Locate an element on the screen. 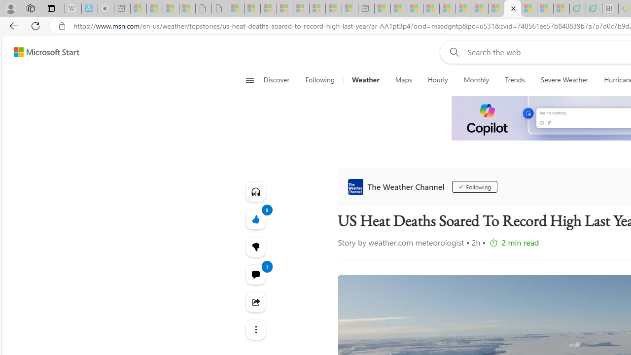 This screenshot has height=355, width=631. 'Microsoft Services Agreement - Sleeping' is located at coordinates (252, 8).